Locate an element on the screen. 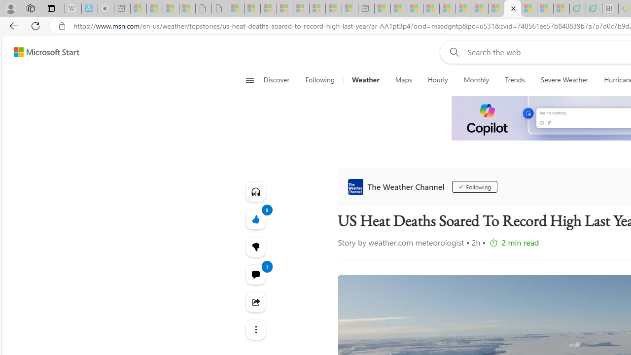 This screenshot has height=355, width=631. 'Microsoft Services Agreement - Sleeping' is located at coordinates (252, 8).